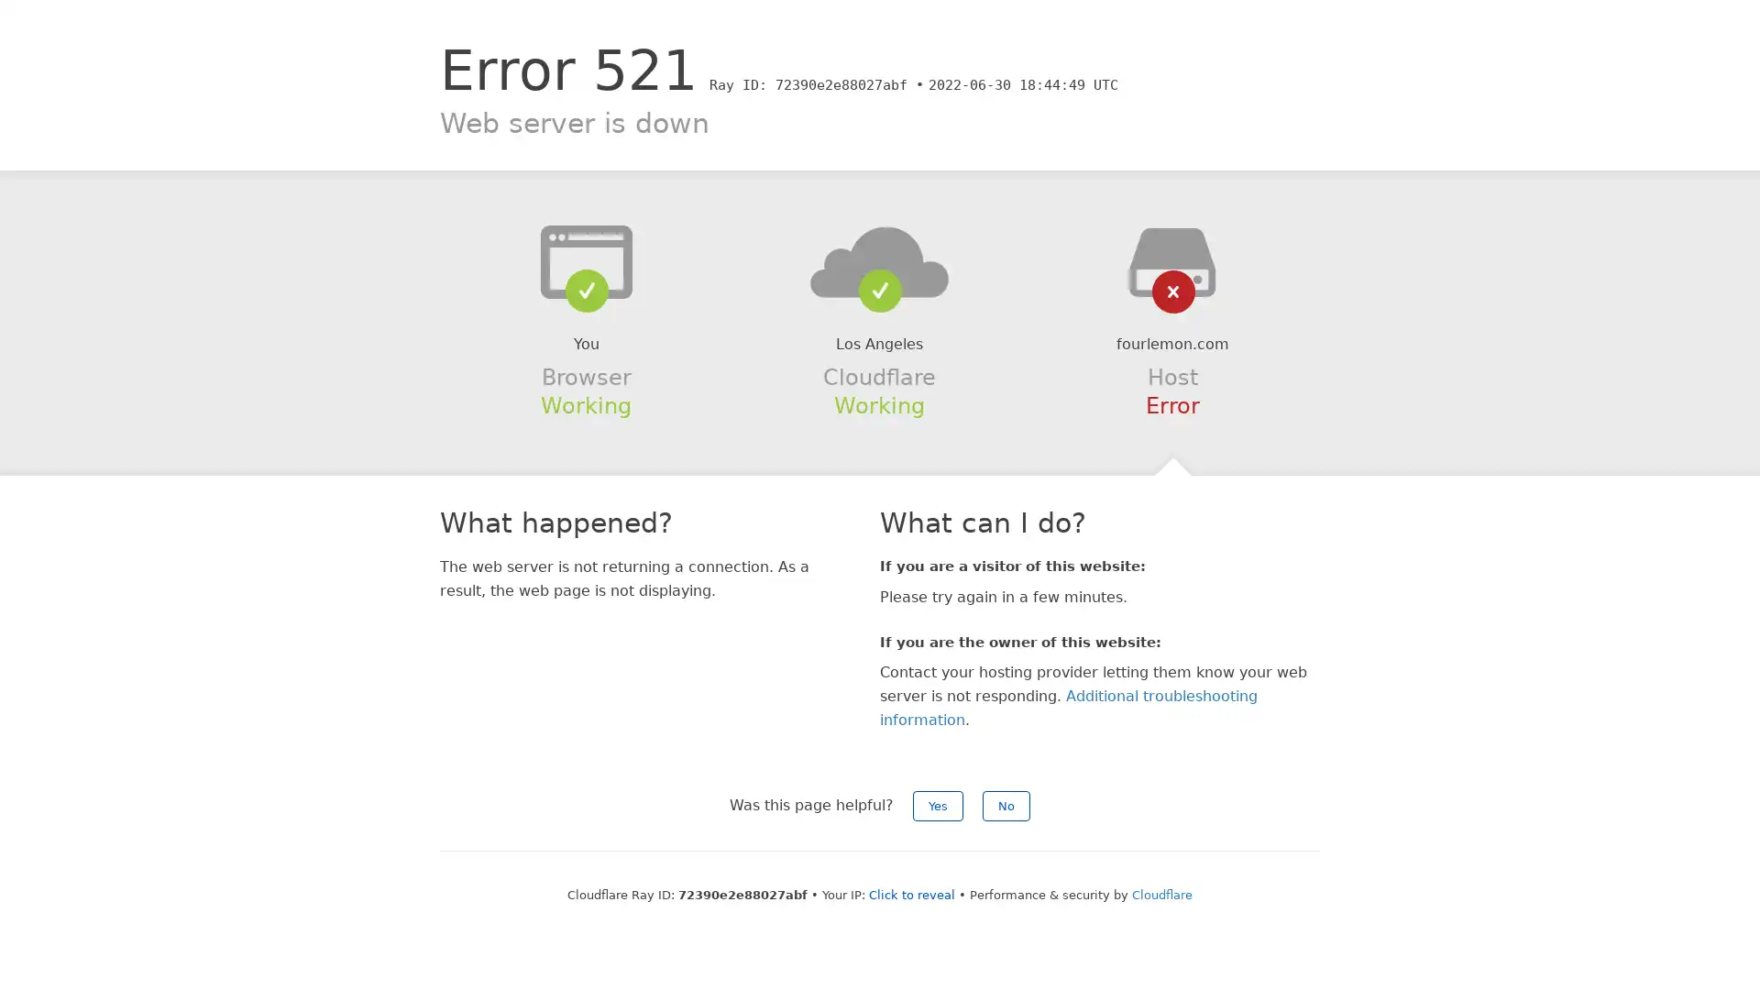 Image resolution: width=1760 pixels, height=990 pixels. Describe the element at coordinates (1006, 805) in the screenshot. I see `No` at that location.